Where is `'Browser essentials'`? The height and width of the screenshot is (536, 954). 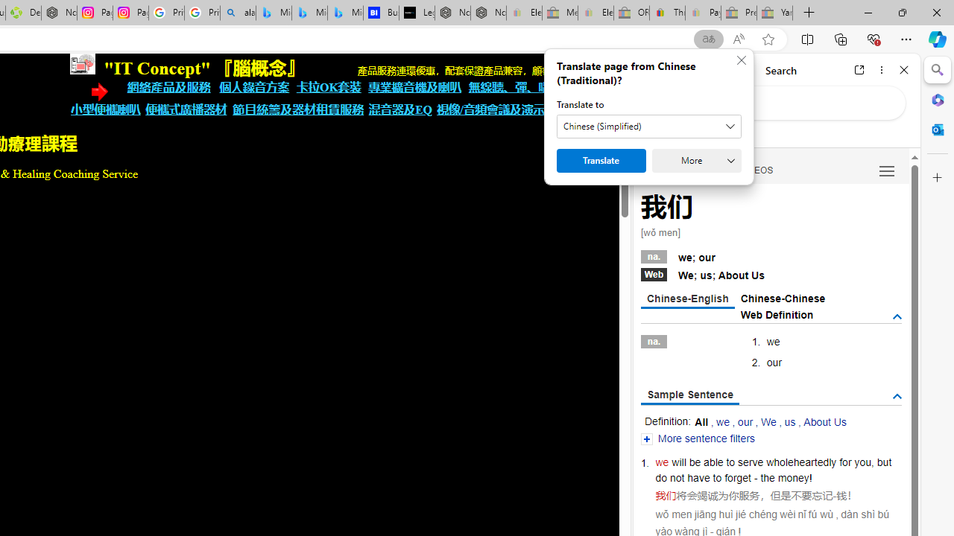 'Browser essentials' is located at coordinates (873, 38).